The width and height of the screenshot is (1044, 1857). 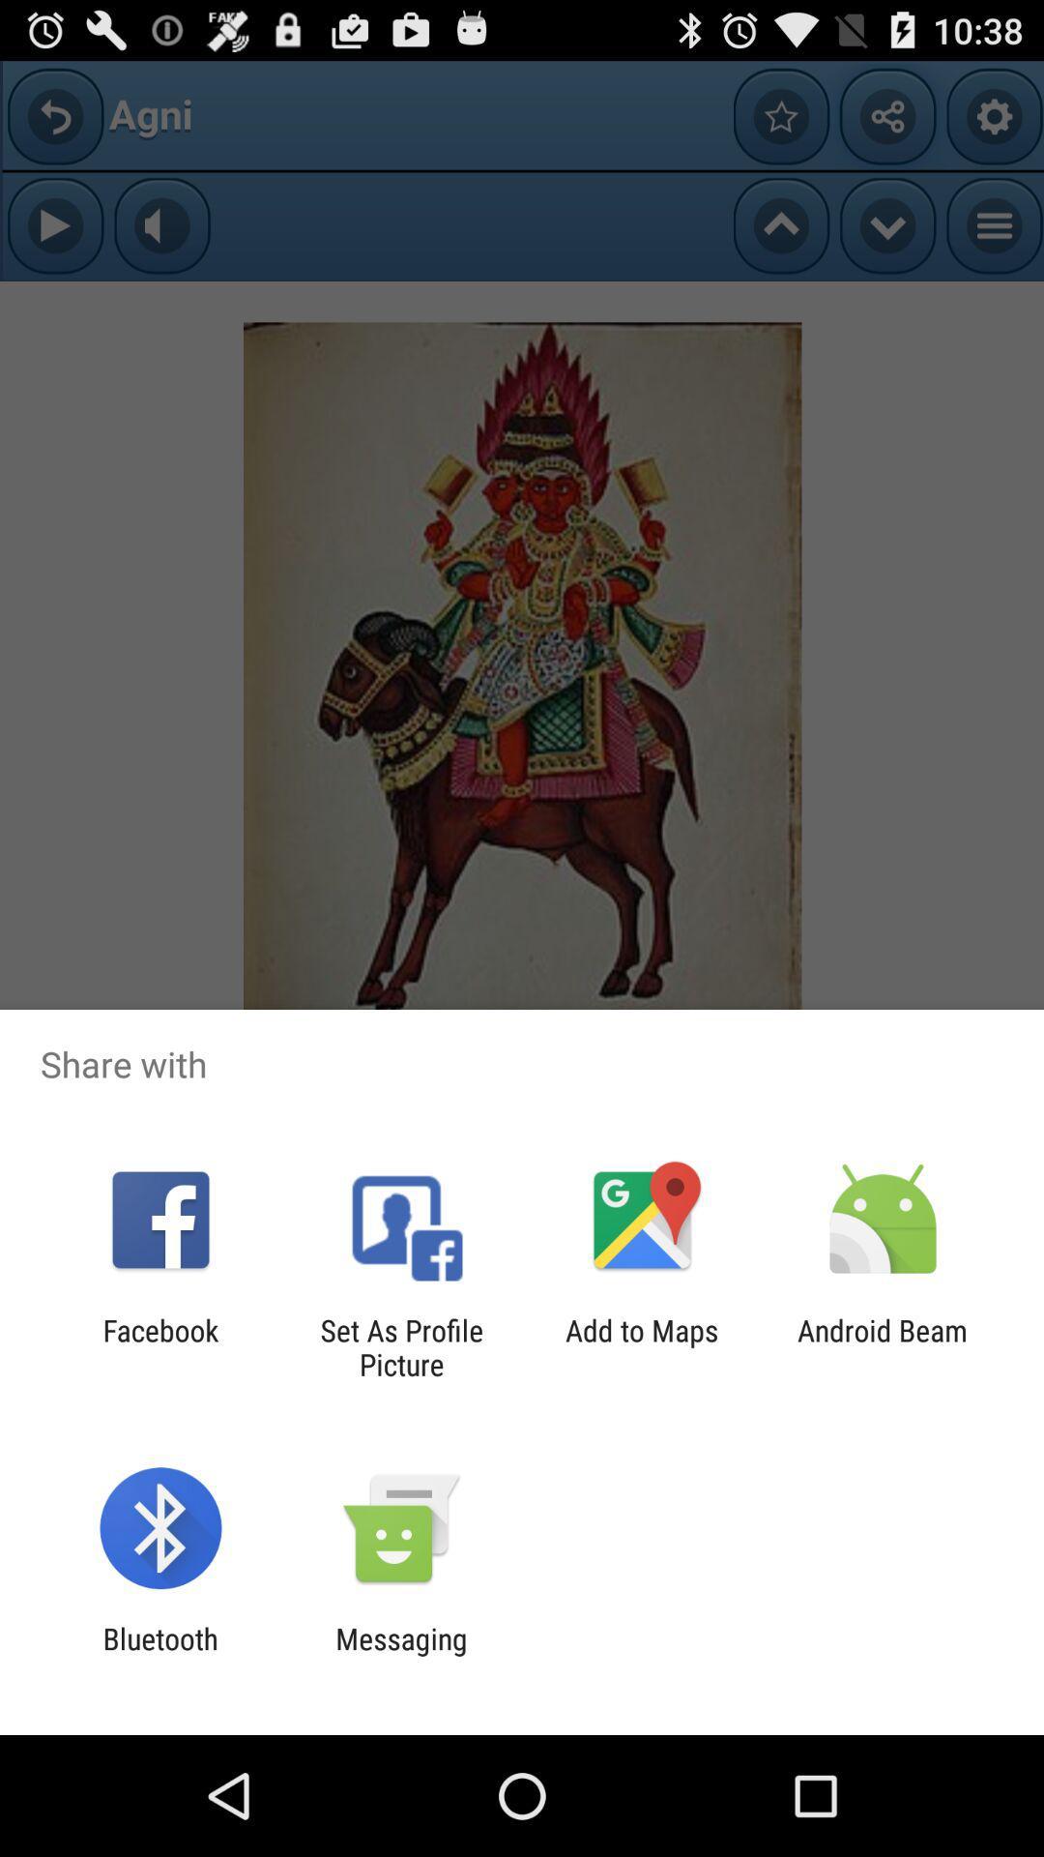 I want to click on the add to maps icon, so click(x=642, y=1346).